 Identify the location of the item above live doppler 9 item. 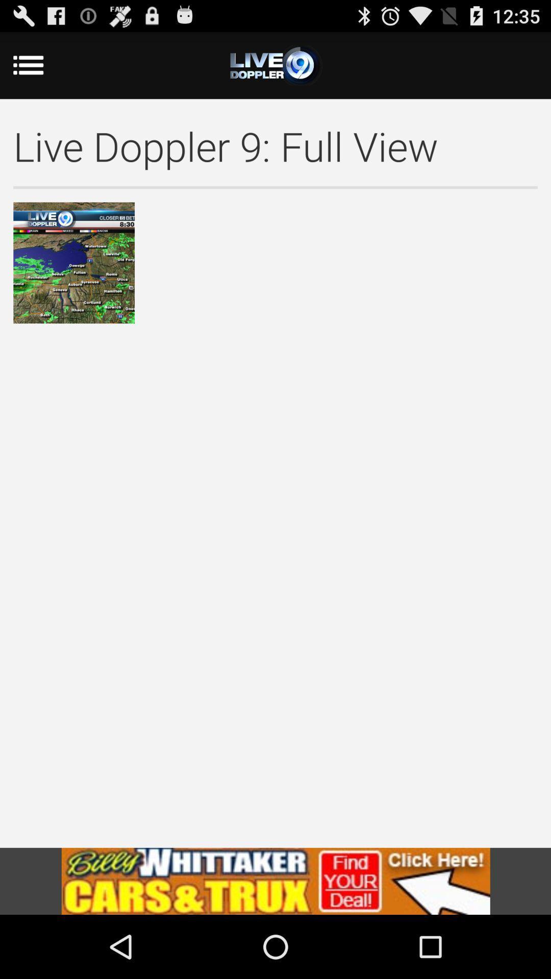
(275, 65).